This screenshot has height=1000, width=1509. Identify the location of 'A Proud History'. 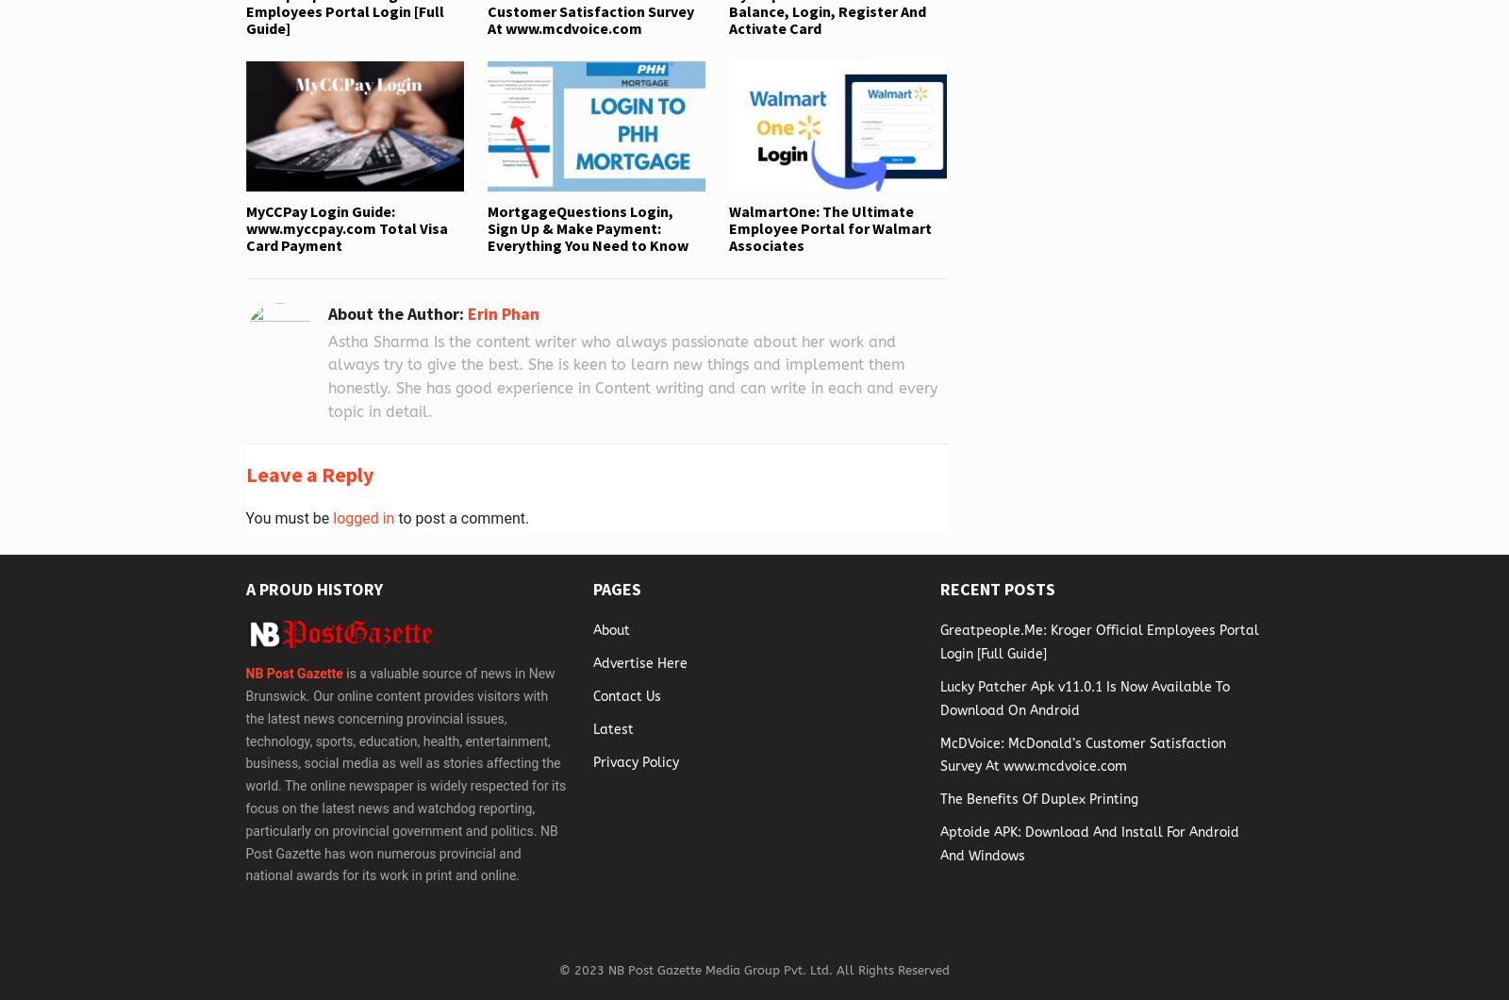
(313, 588).